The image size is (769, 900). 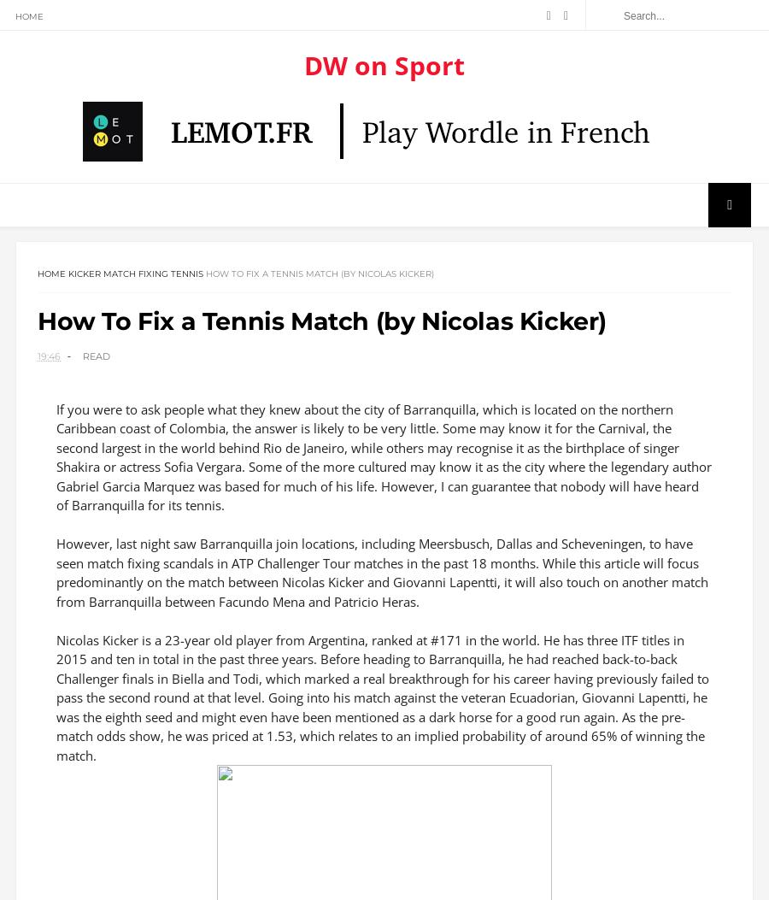 What do you see at coordinates (383, 703) in the screenshot?
I see `'Nicolas Kicker is a 23-year old player from Argentina, ranked at #171 in the world. He has three ITF titles in 2015 and ten in total in the past three years. Before heading to Barranquilla, he had reached back-to-back Challenger finals in Biella and Todi, which marked a real breakthrough for his career having previously failed to pass the second round at that level. Going into his match against the veteran Ecuadorian, Giovanni Lapentti, he was the eighth seed and might even have been mentioned as a dark horse for a good run again. As the pre-match odds show, he was priced at 1.53, which relates to an implied probability of around 65% of winning the match.'` at bounding box center [383, 703].